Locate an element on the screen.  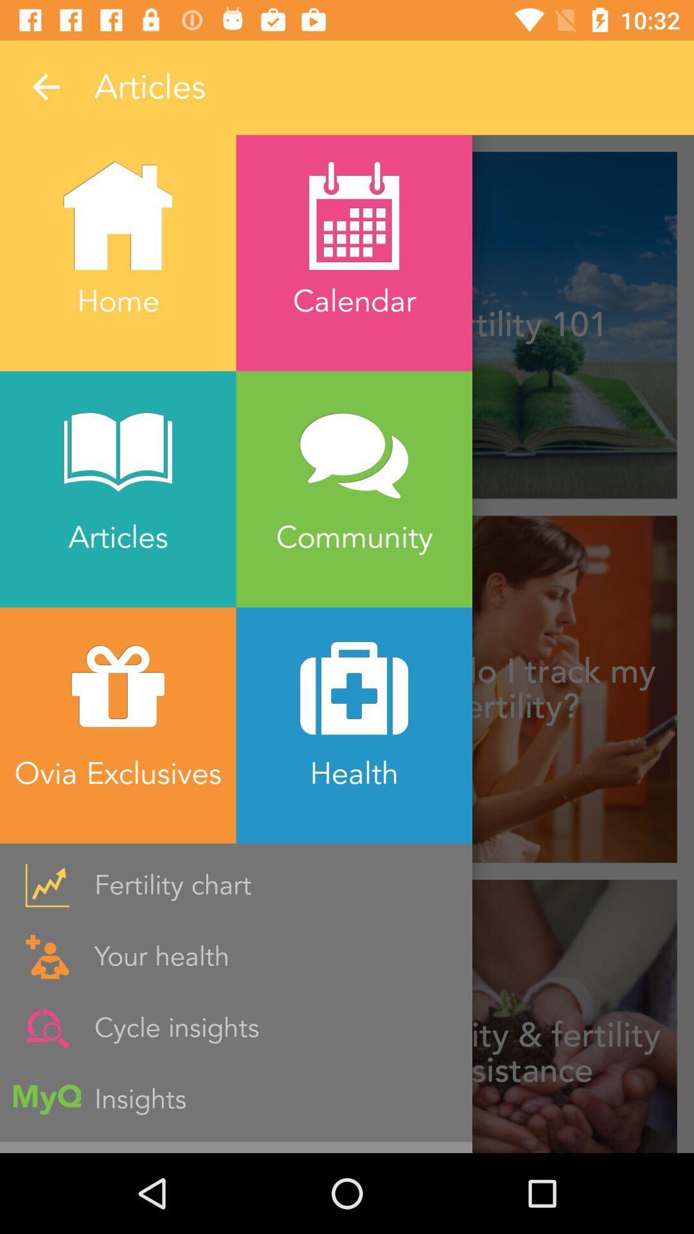
the text articles on the web page is located at coordinates (353, 87).